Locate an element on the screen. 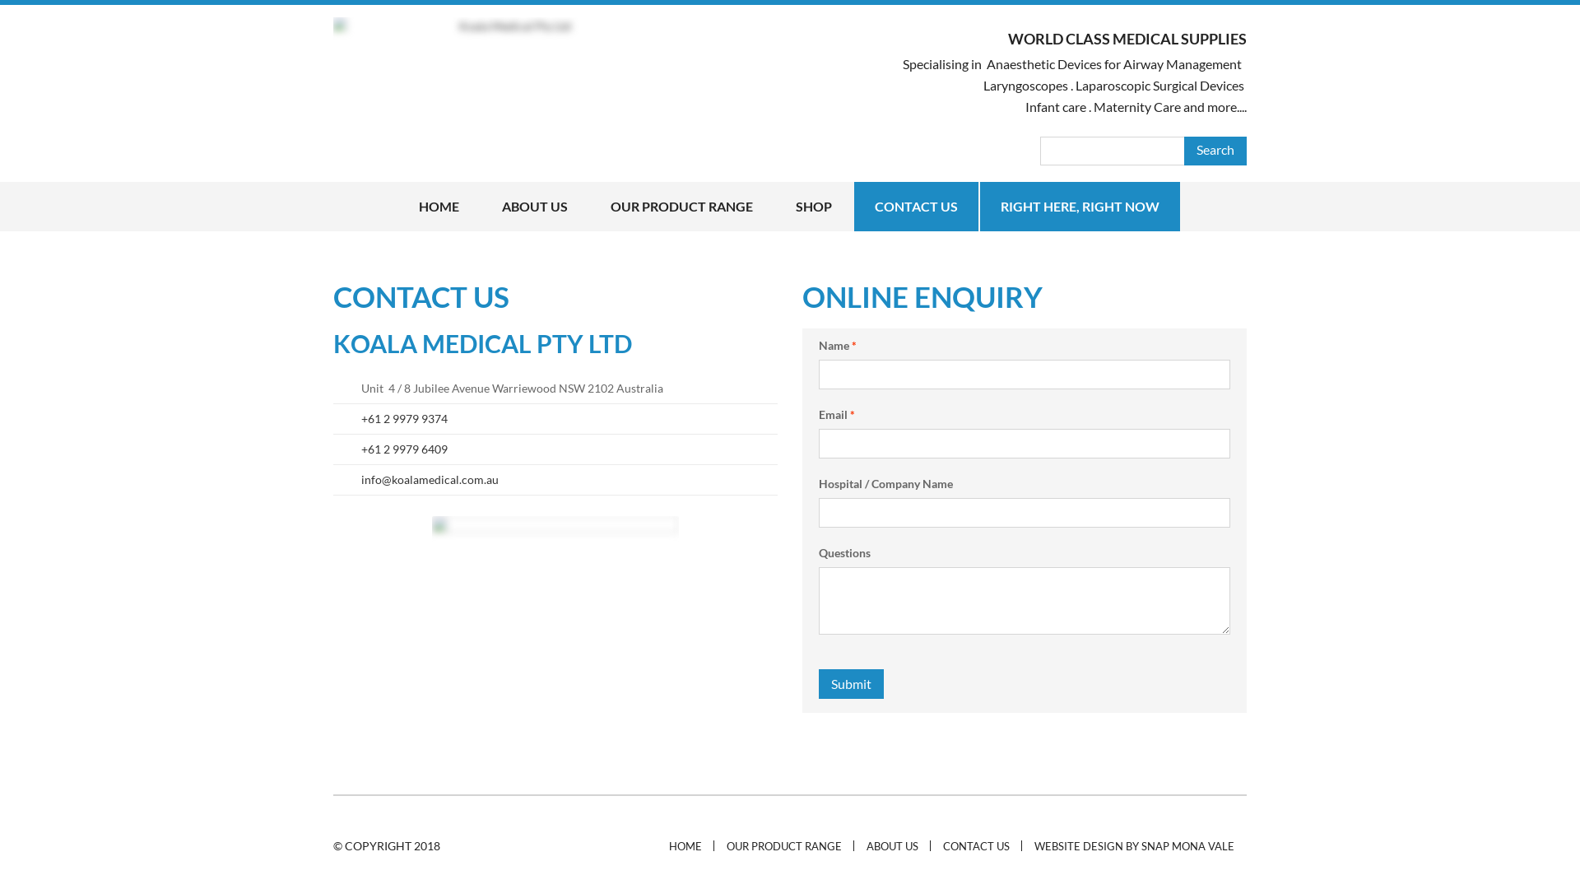 This screenshot has width=1580, height=889. 'info@koalamedical.com.au' is located at coordinates (430, 479).